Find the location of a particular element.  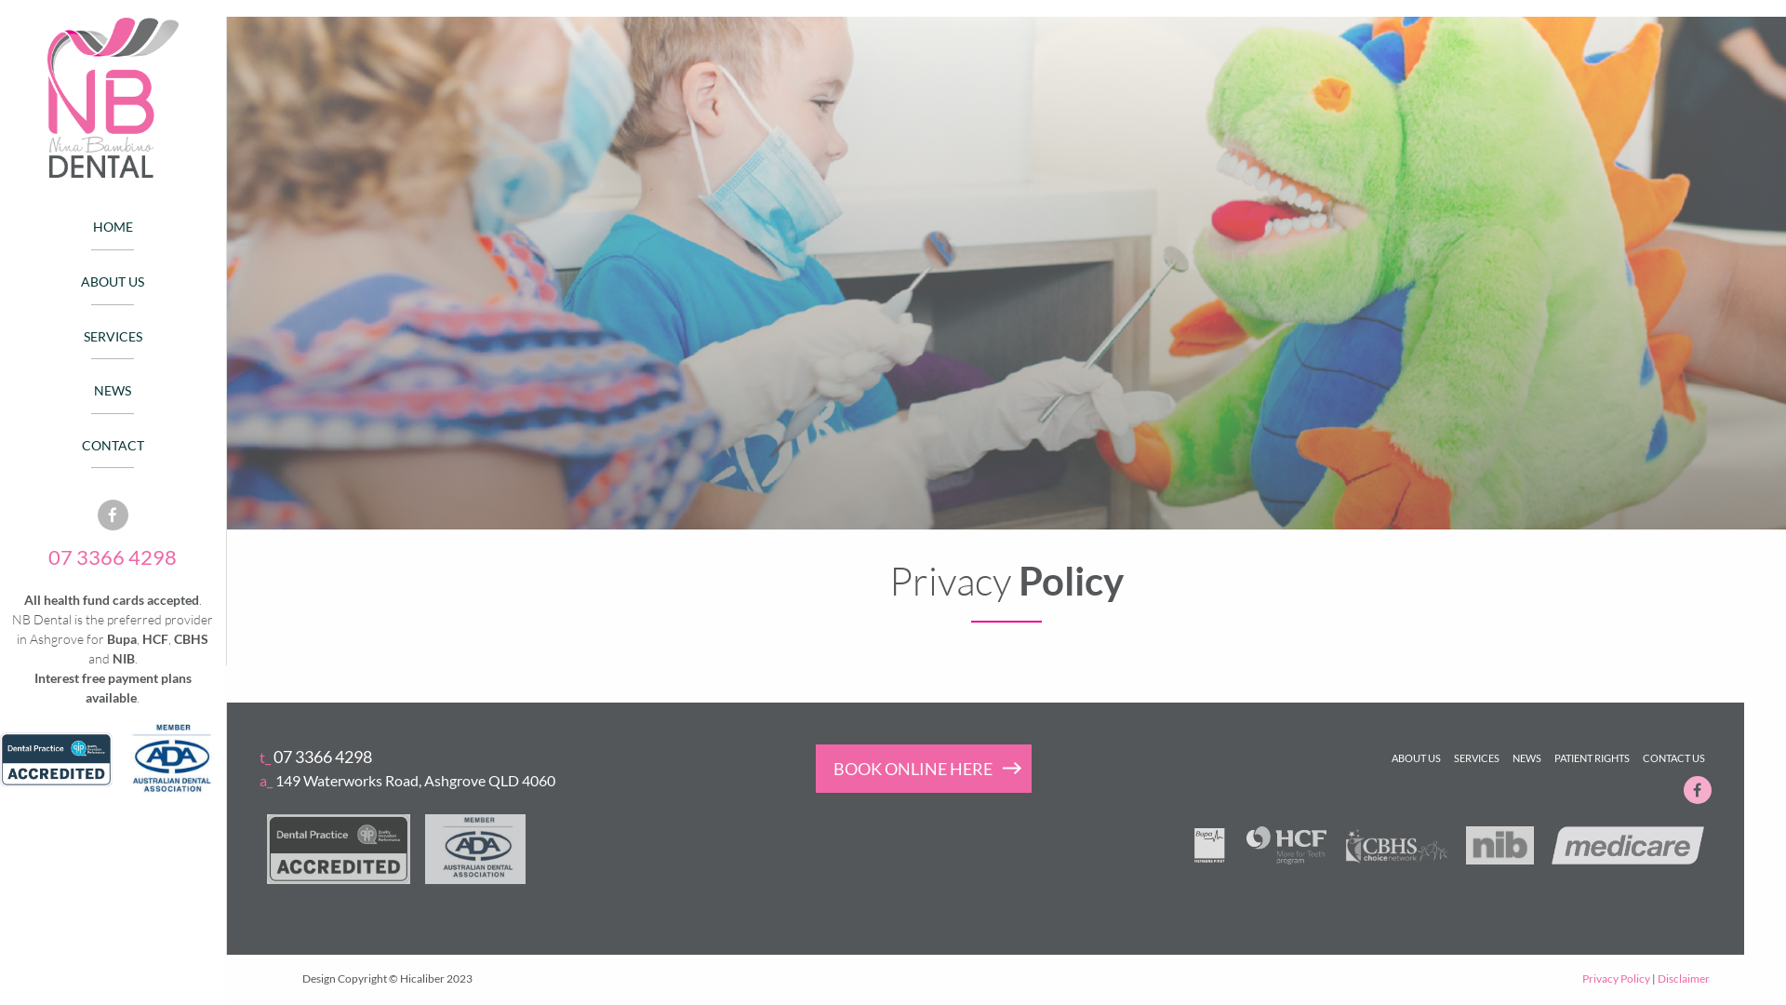

'07 3366 4298' is located at coordinates (111, 556).